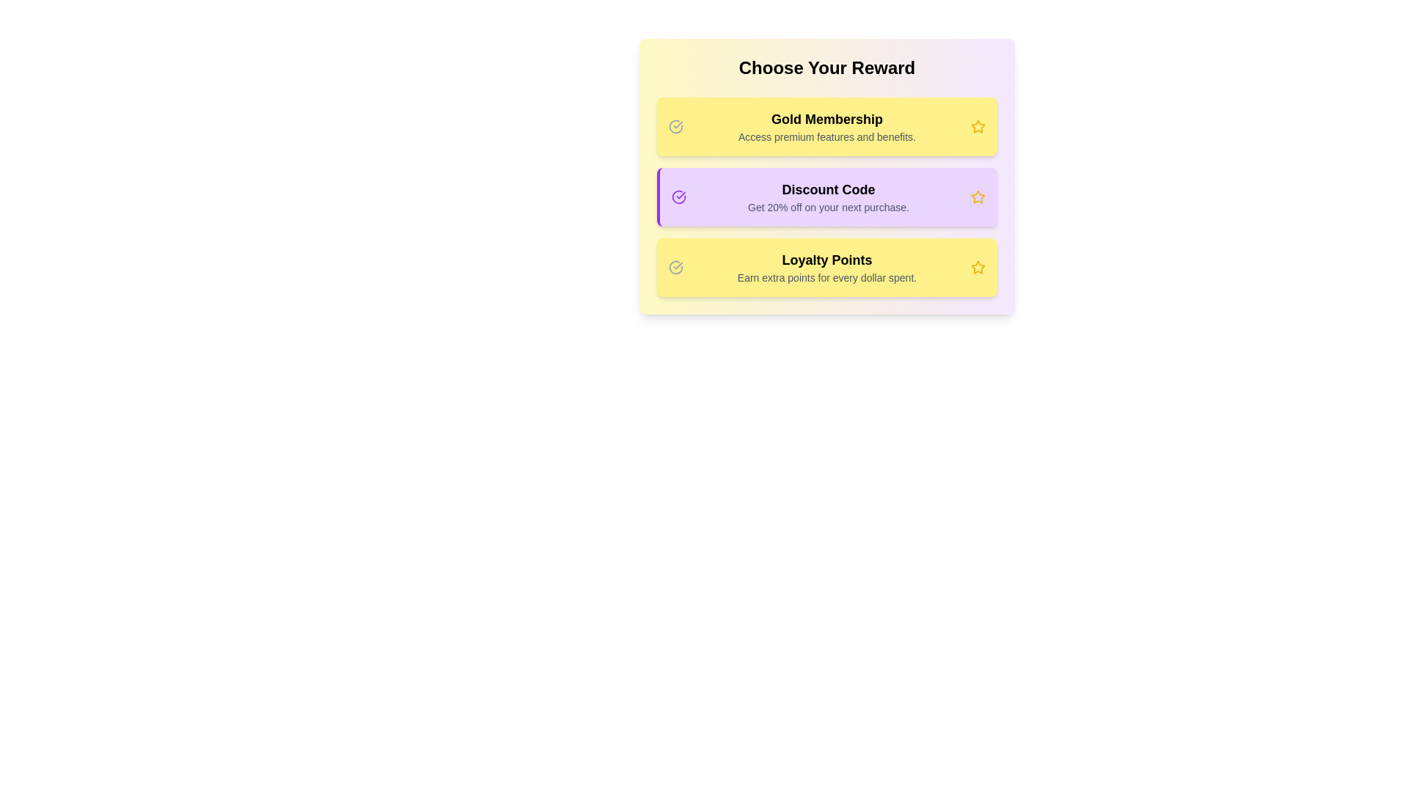  What do you see at coordinates (827, 268) in the screenshot?
I see `the reward description text of Loyalty Points` at bounding box center [827, 268].